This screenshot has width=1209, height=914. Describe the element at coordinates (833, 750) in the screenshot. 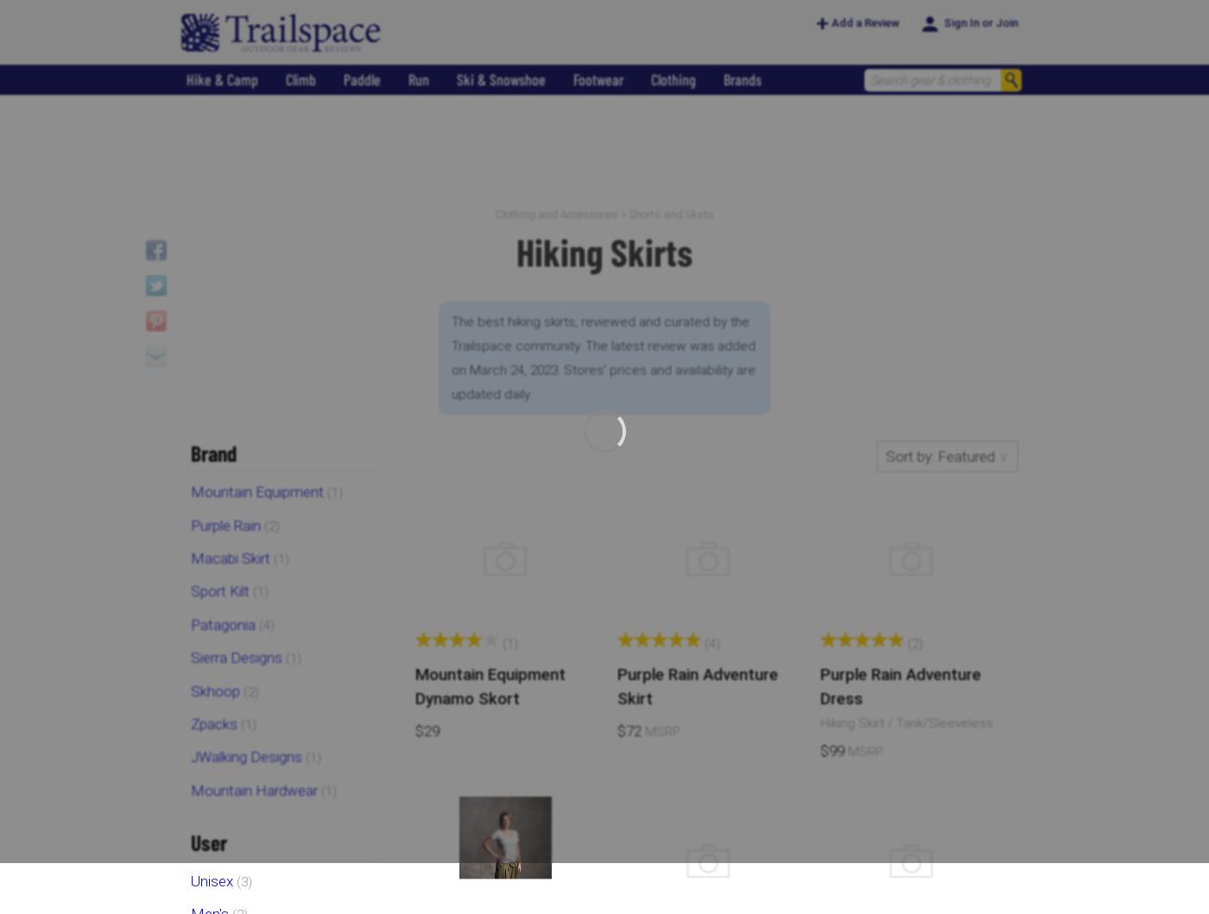

I see `'$99'` at that location.